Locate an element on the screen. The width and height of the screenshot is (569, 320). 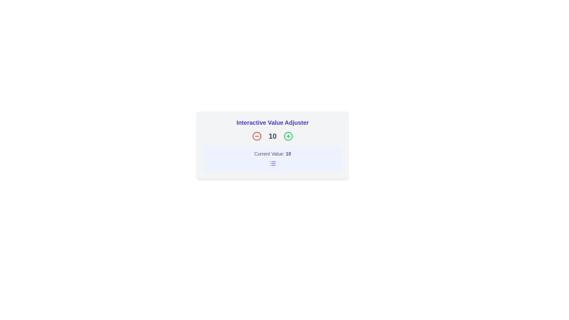
the minus icon on the graphical button is located at coordinates (257, 136).